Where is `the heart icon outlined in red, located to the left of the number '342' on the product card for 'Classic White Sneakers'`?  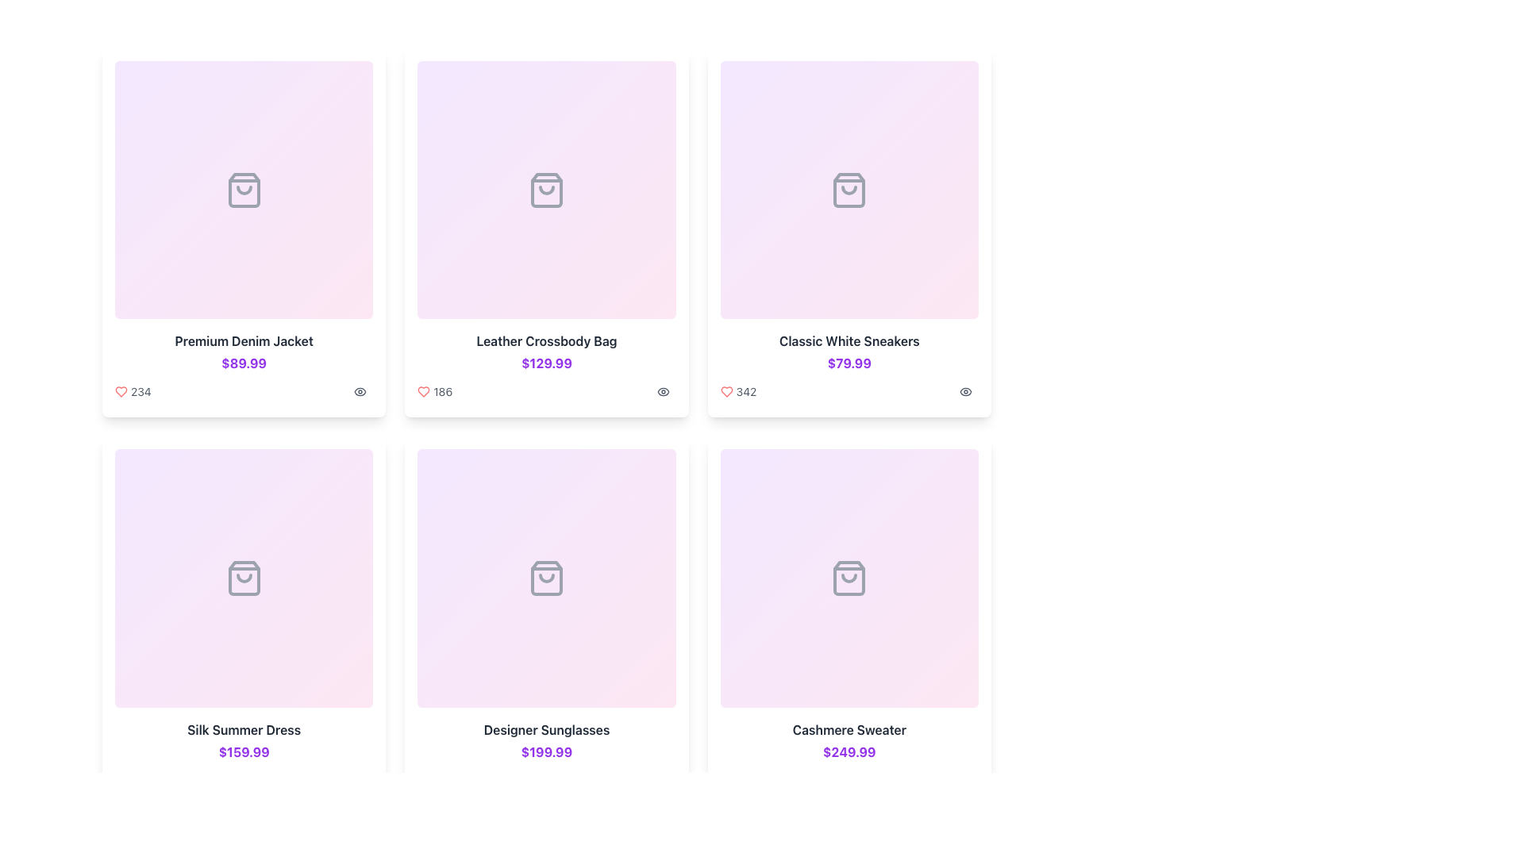
the heart icon outlined in red, located to the left of the number '342' on the product card for 'Classic White Sneakers' is located at coordinates (725, 392).